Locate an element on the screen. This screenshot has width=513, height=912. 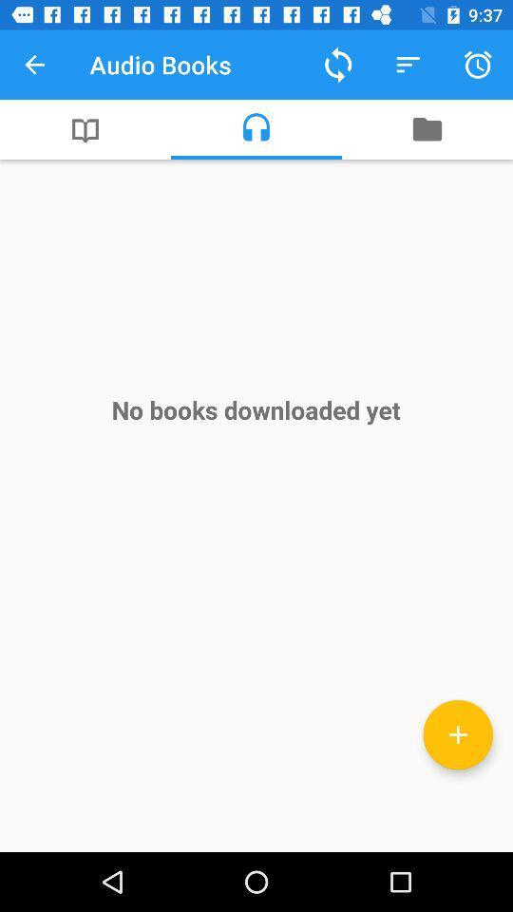
book is located at coordinates (457, 733).